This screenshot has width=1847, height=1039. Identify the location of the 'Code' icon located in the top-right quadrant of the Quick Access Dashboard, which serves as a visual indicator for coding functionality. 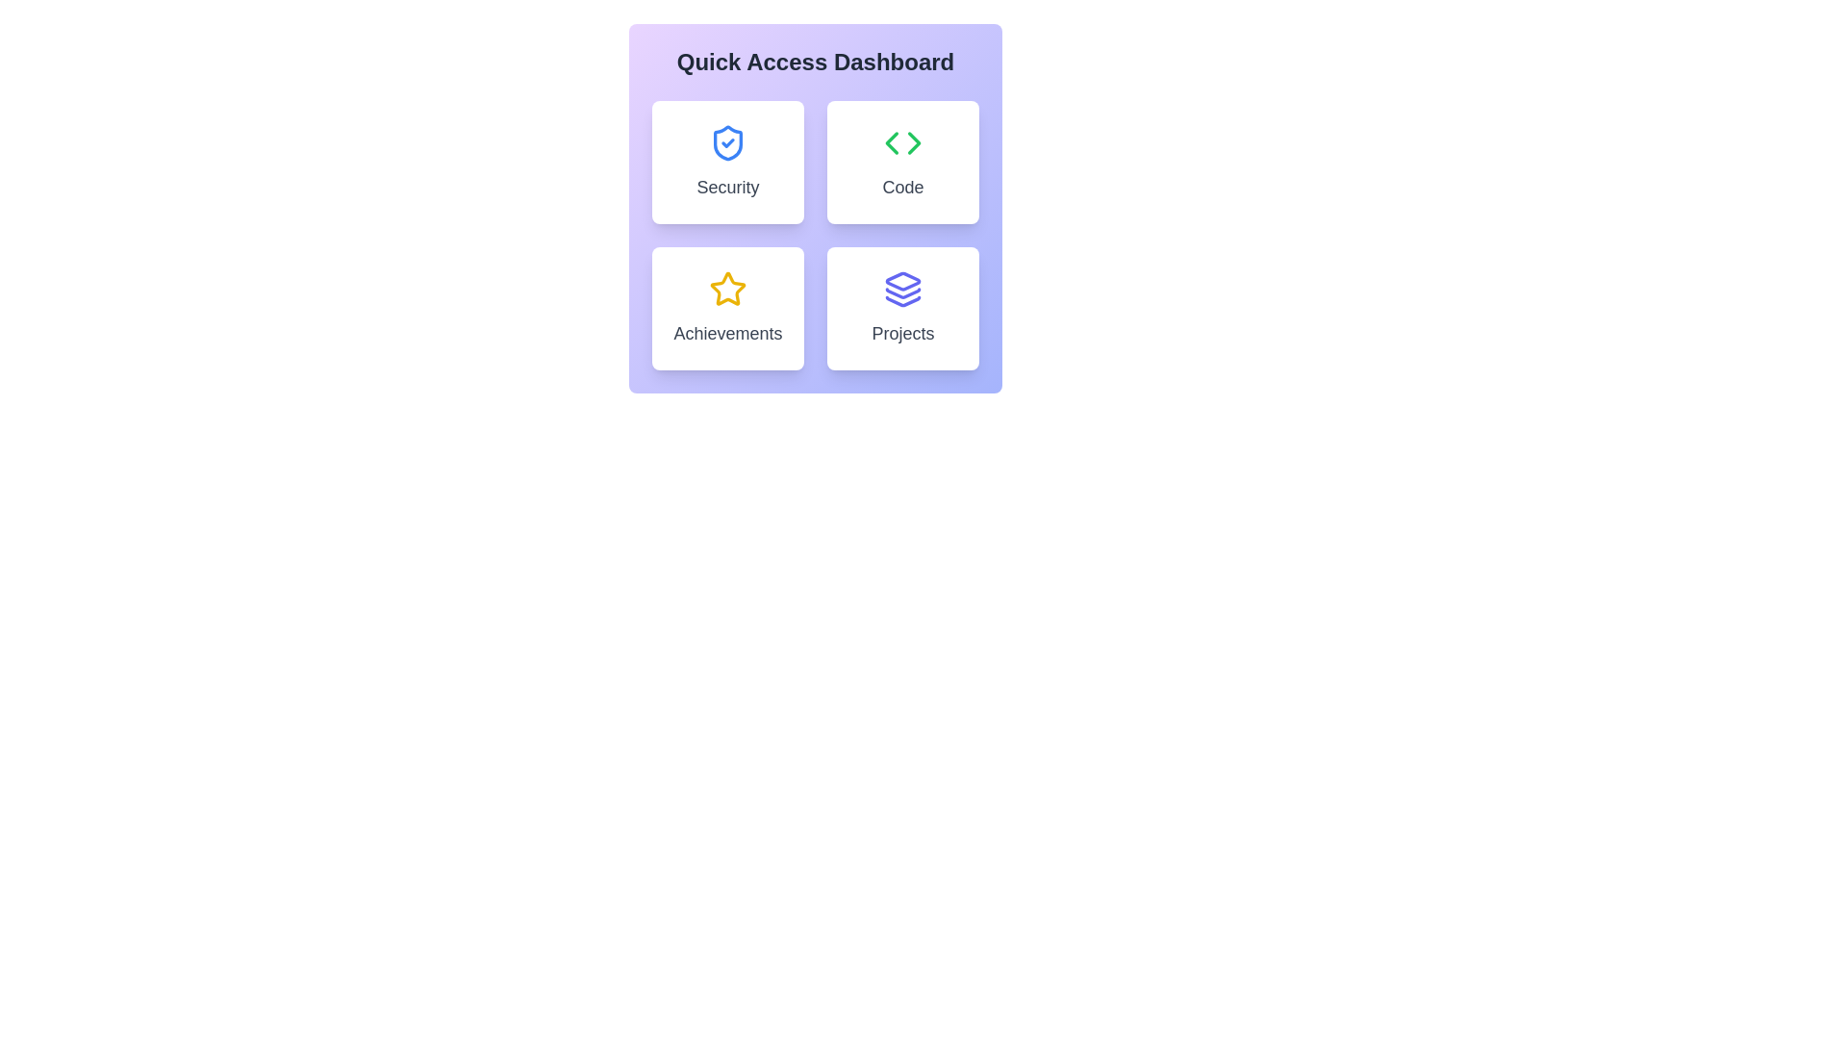
(902, 142).